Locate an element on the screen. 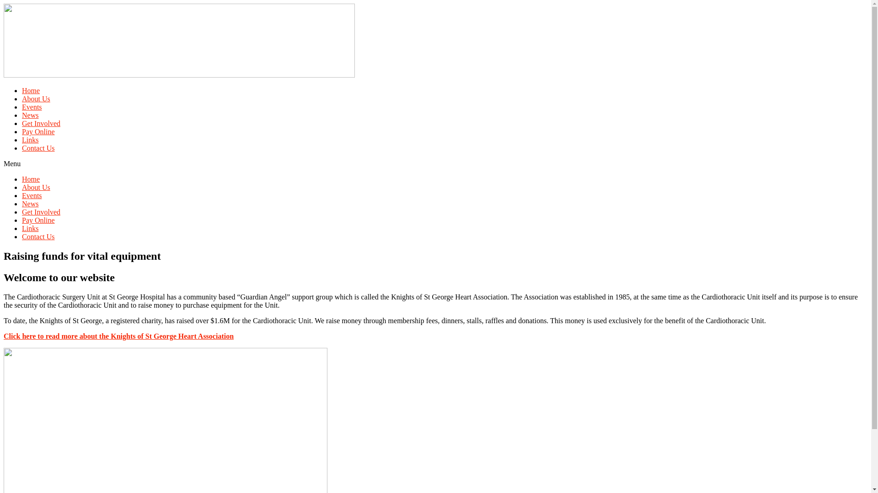  'About Us' is located at coordinates (36, 187).